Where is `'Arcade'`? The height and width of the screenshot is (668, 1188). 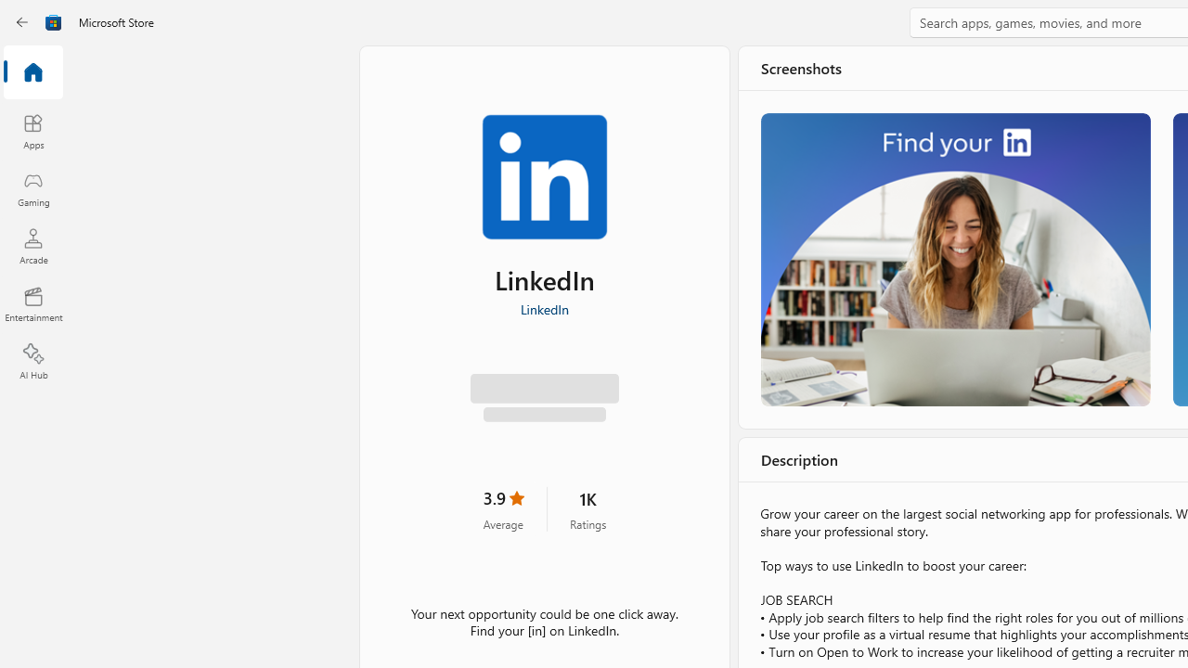 'Arcade' is located at coordinates (32, 245).